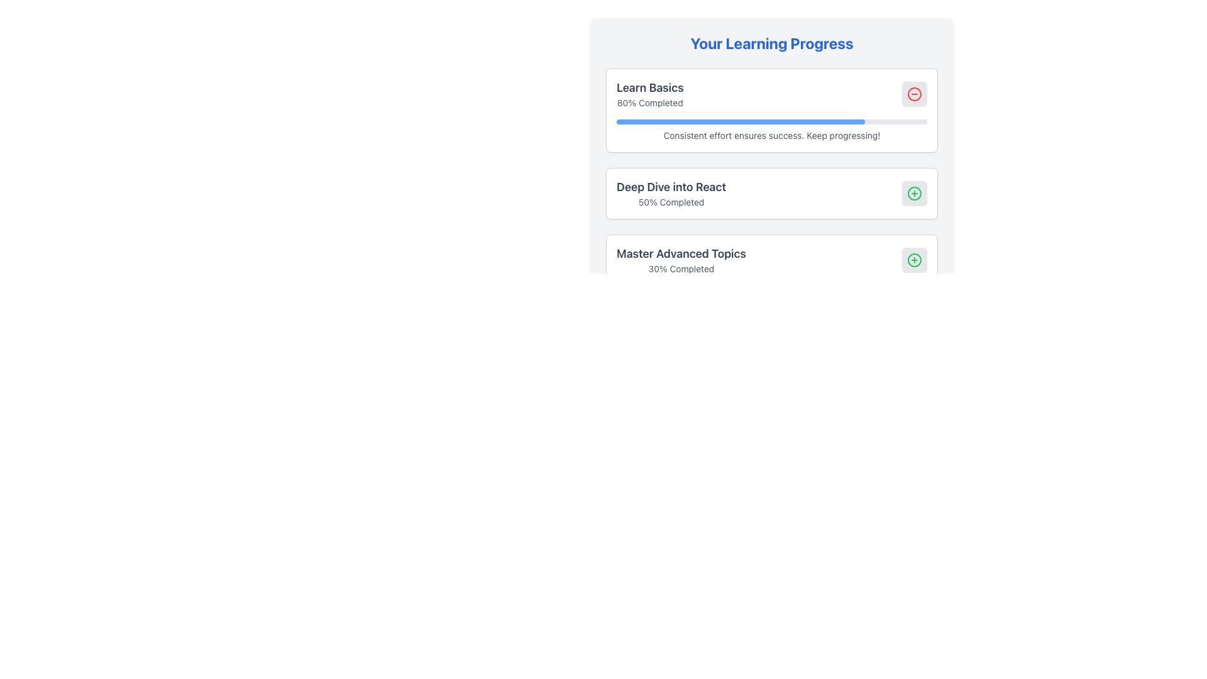  Describe the element at coordinates (771, 194) in the screenshot. I see `title 'Deep Dive into React' and the progress information '50% Completed' from the informational card with progress tracking located in the 'Your Learning Progress' section` at that location.